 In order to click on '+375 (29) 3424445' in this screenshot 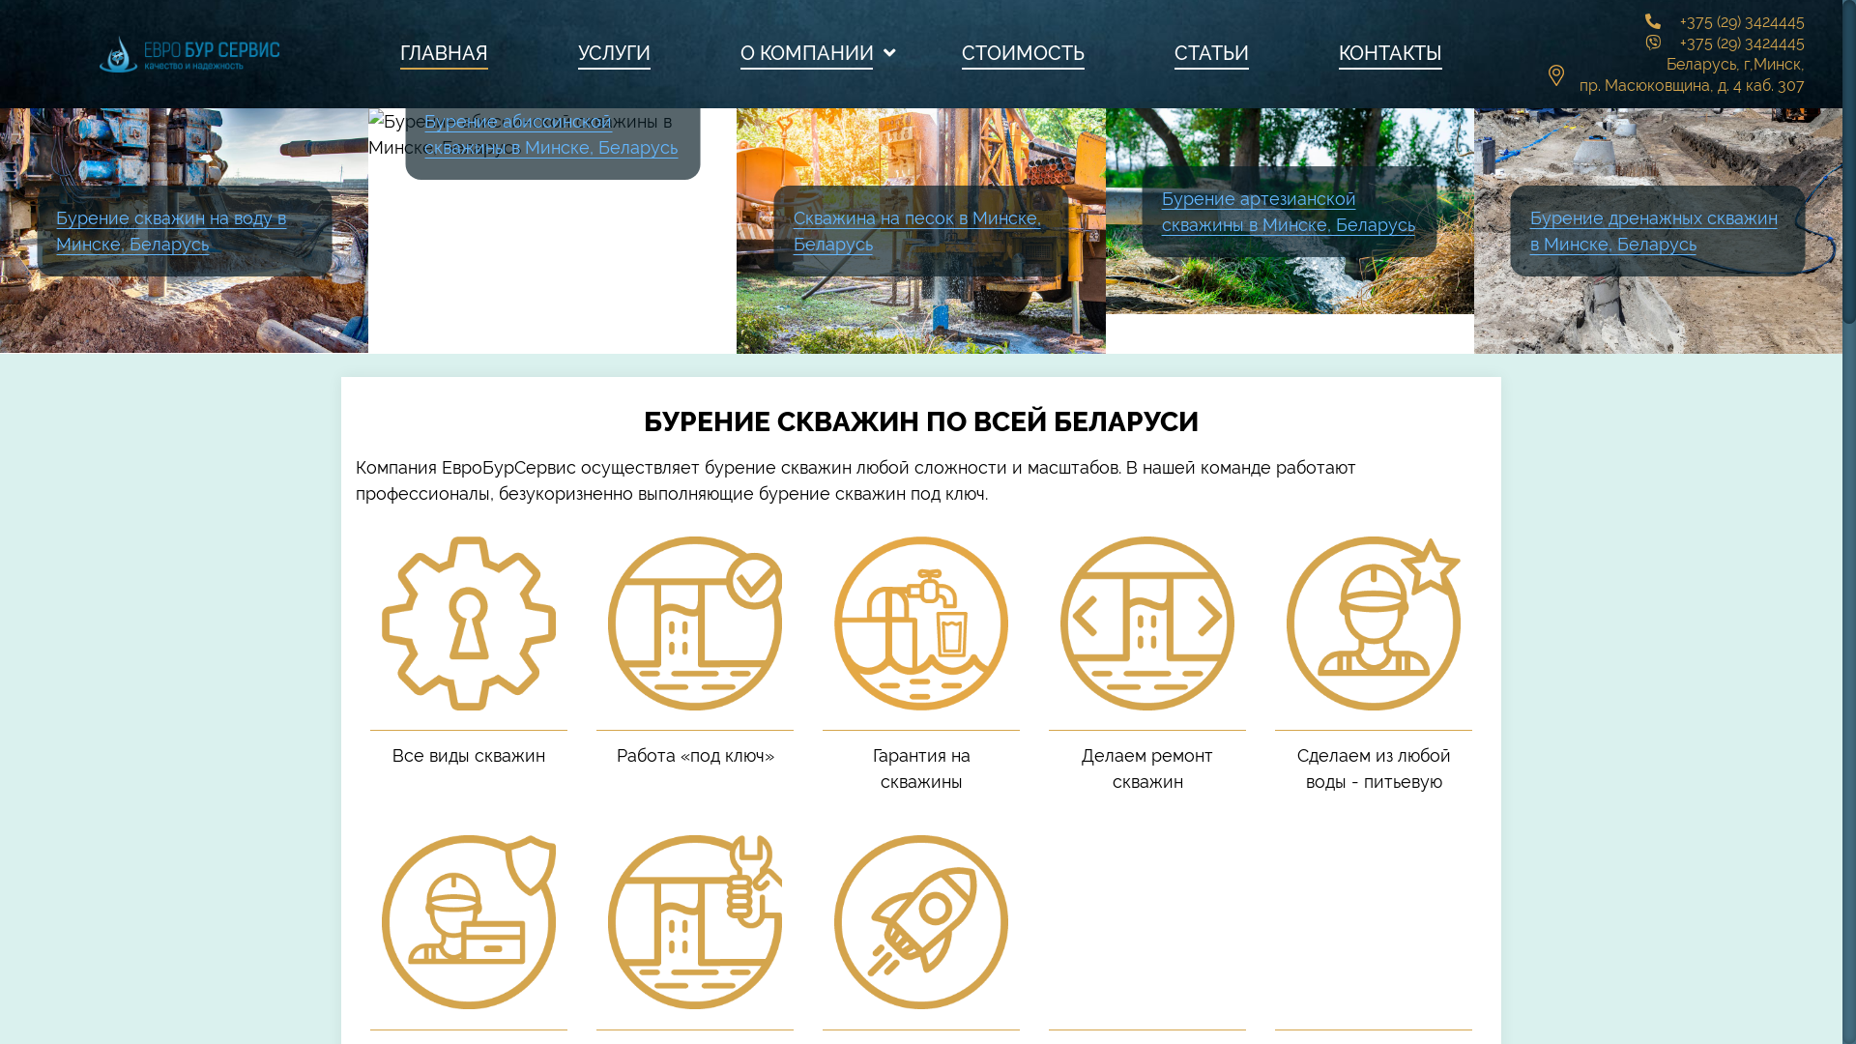, I will do `click(1742, 21)`.